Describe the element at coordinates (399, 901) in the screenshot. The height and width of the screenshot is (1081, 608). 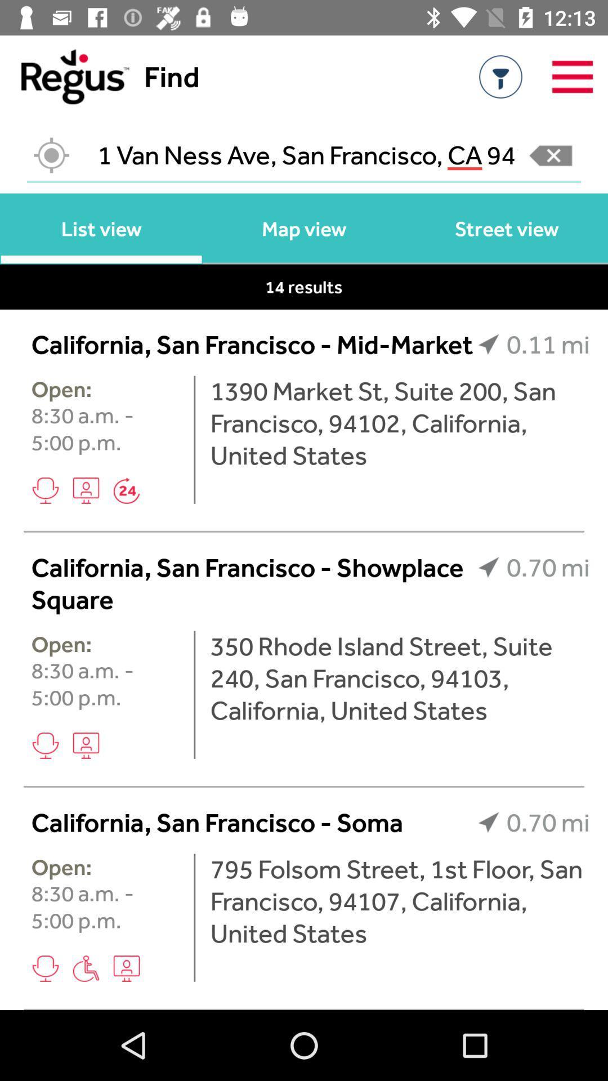
I see `795 folsom street item` at that location.